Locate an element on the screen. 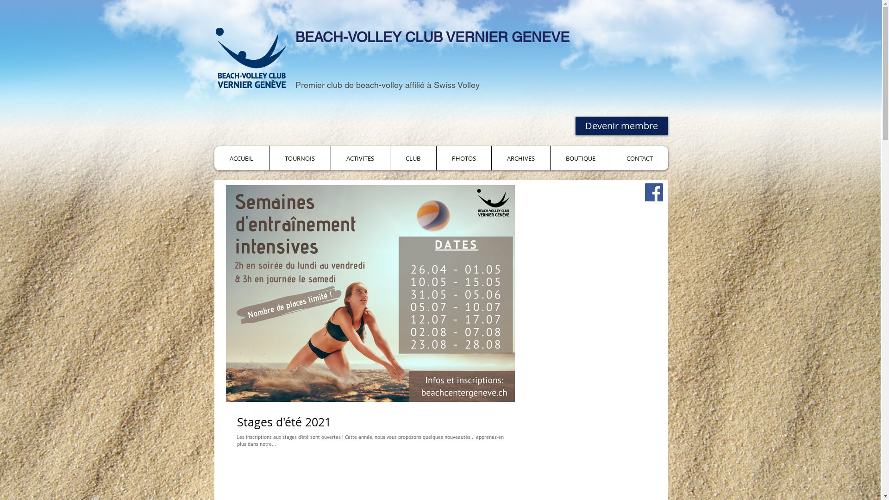 This screenshot has width=889, height=500. 'TOURNOIS' is located at coordinates (268, 158).